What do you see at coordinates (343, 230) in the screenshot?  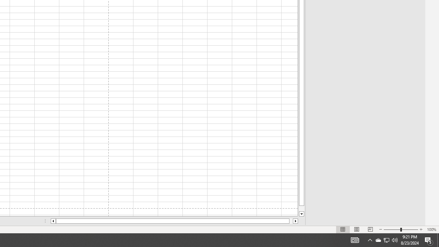 I see `'Normal'` at bounding box center [343, 230].